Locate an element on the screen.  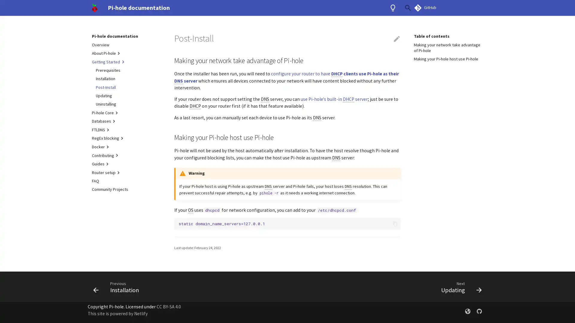
Clear is located at coordinates (394, 8).